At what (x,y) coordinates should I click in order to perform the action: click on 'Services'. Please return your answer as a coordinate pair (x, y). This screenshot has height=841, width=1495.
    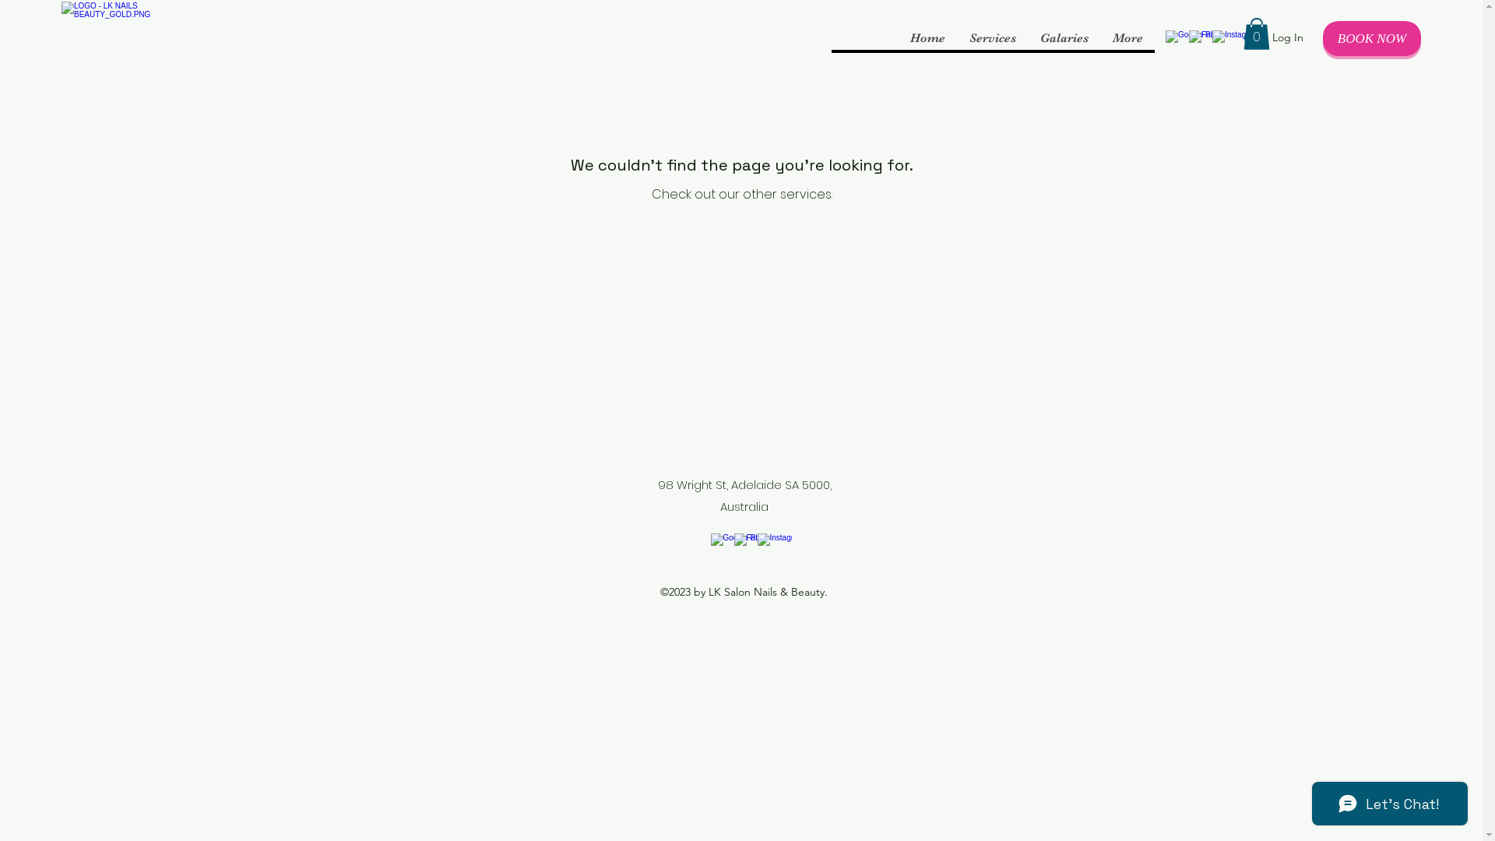
    Looking at the image, I should click on (955, 37).